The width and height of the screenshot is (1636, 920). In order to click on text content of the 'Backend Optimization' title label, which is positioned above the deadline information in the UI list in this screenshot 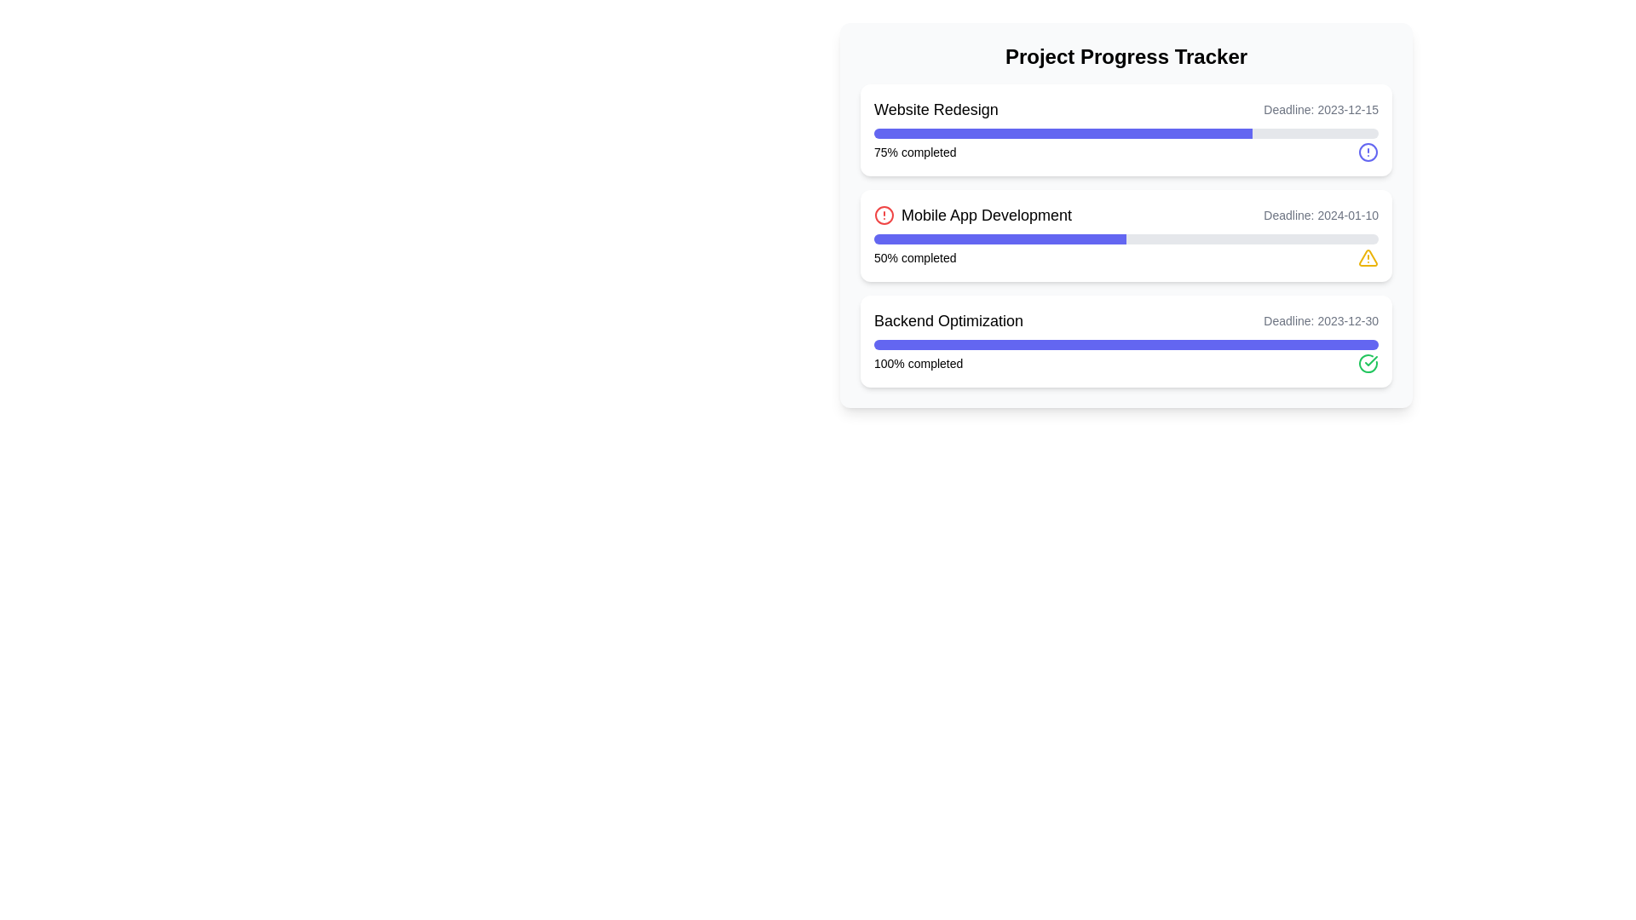, I will do `click(948, 321)`.